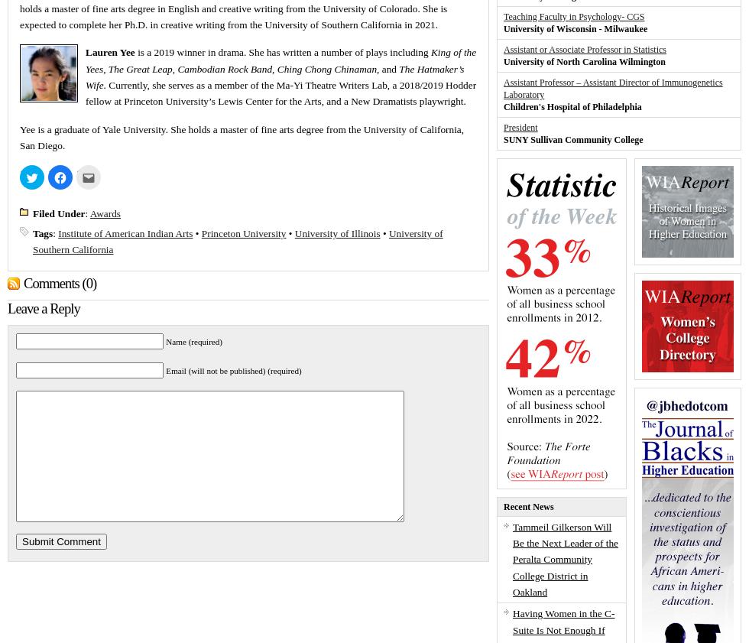 This screenshot has height=643, width=749. What do you see at coordinates (233, 369) in the screenshot?
I see `'Email (will not be published) (required)'` at bounding box center [233, 369].